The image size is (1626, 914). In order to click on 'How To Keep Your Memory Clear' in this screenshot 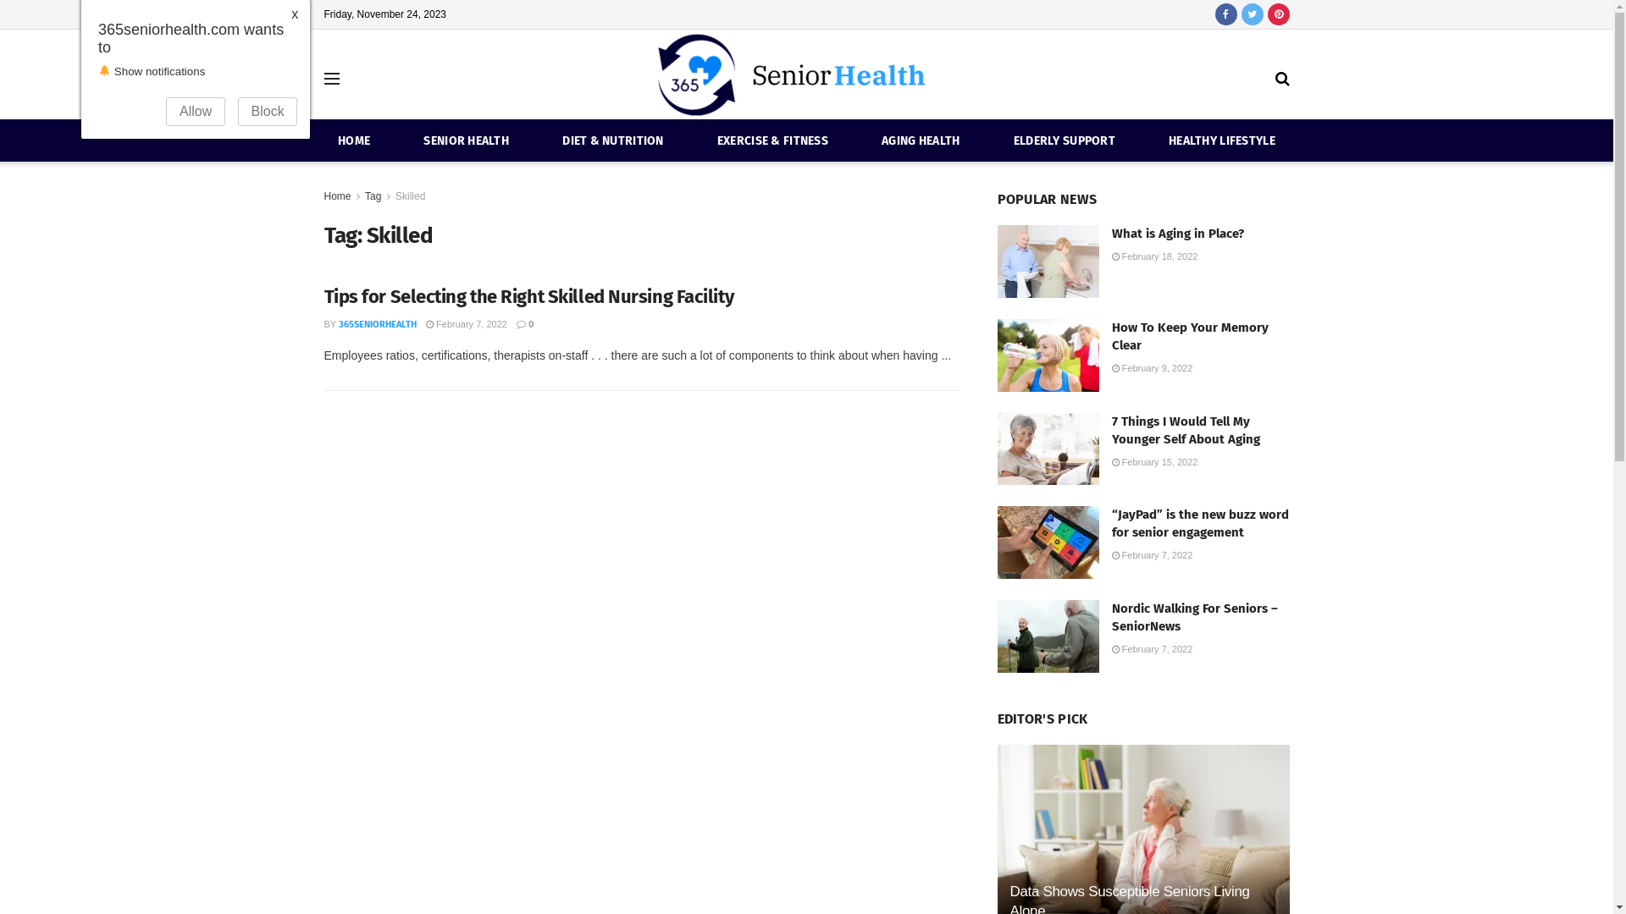, I will do `click(1188, 336)`.